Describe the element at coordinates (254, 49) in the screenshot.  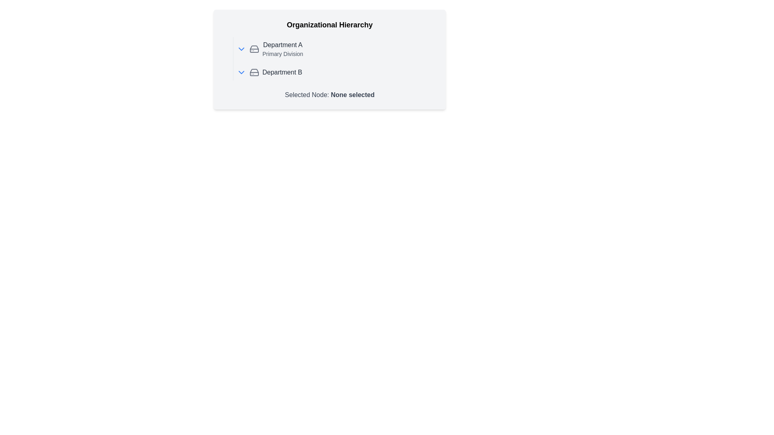
I see `the storage-related icon located immediately to the right of the down-chevron icon and next to the text group for 'Department A' and 'Primary Division'` at that location.